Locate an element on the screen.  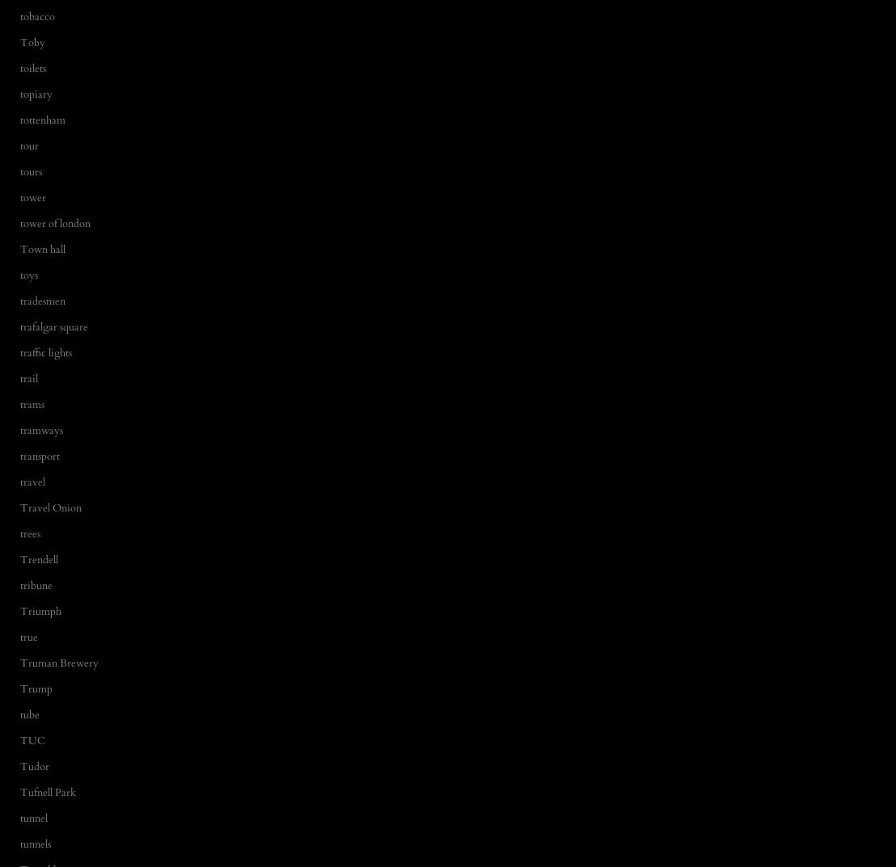
'tramways' is located at coordinates (40, 428).